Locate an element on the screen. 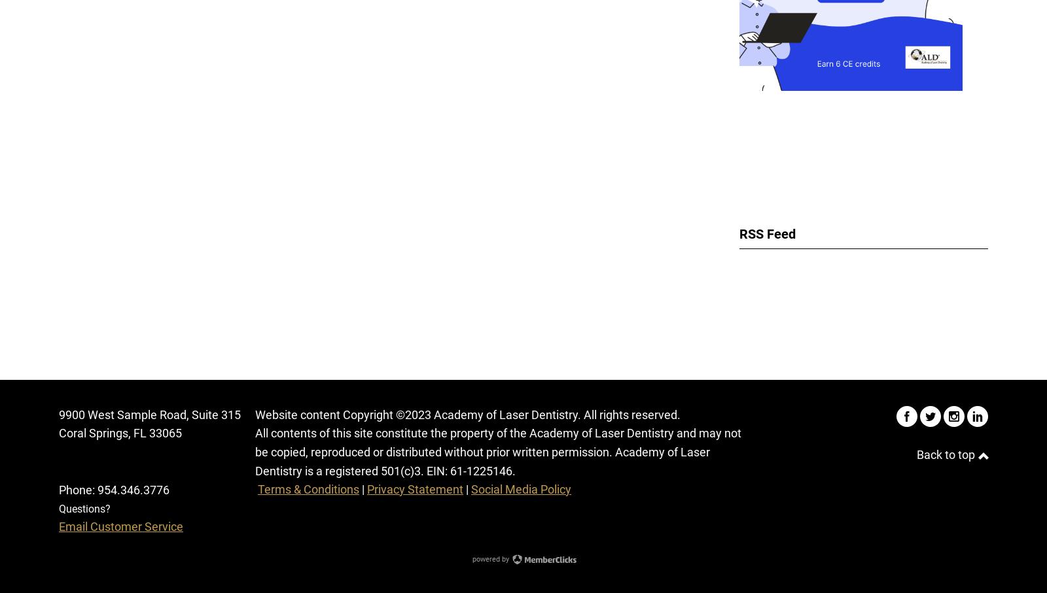  'Phone: 954.346.3776' is located at coordinates (113, 488).